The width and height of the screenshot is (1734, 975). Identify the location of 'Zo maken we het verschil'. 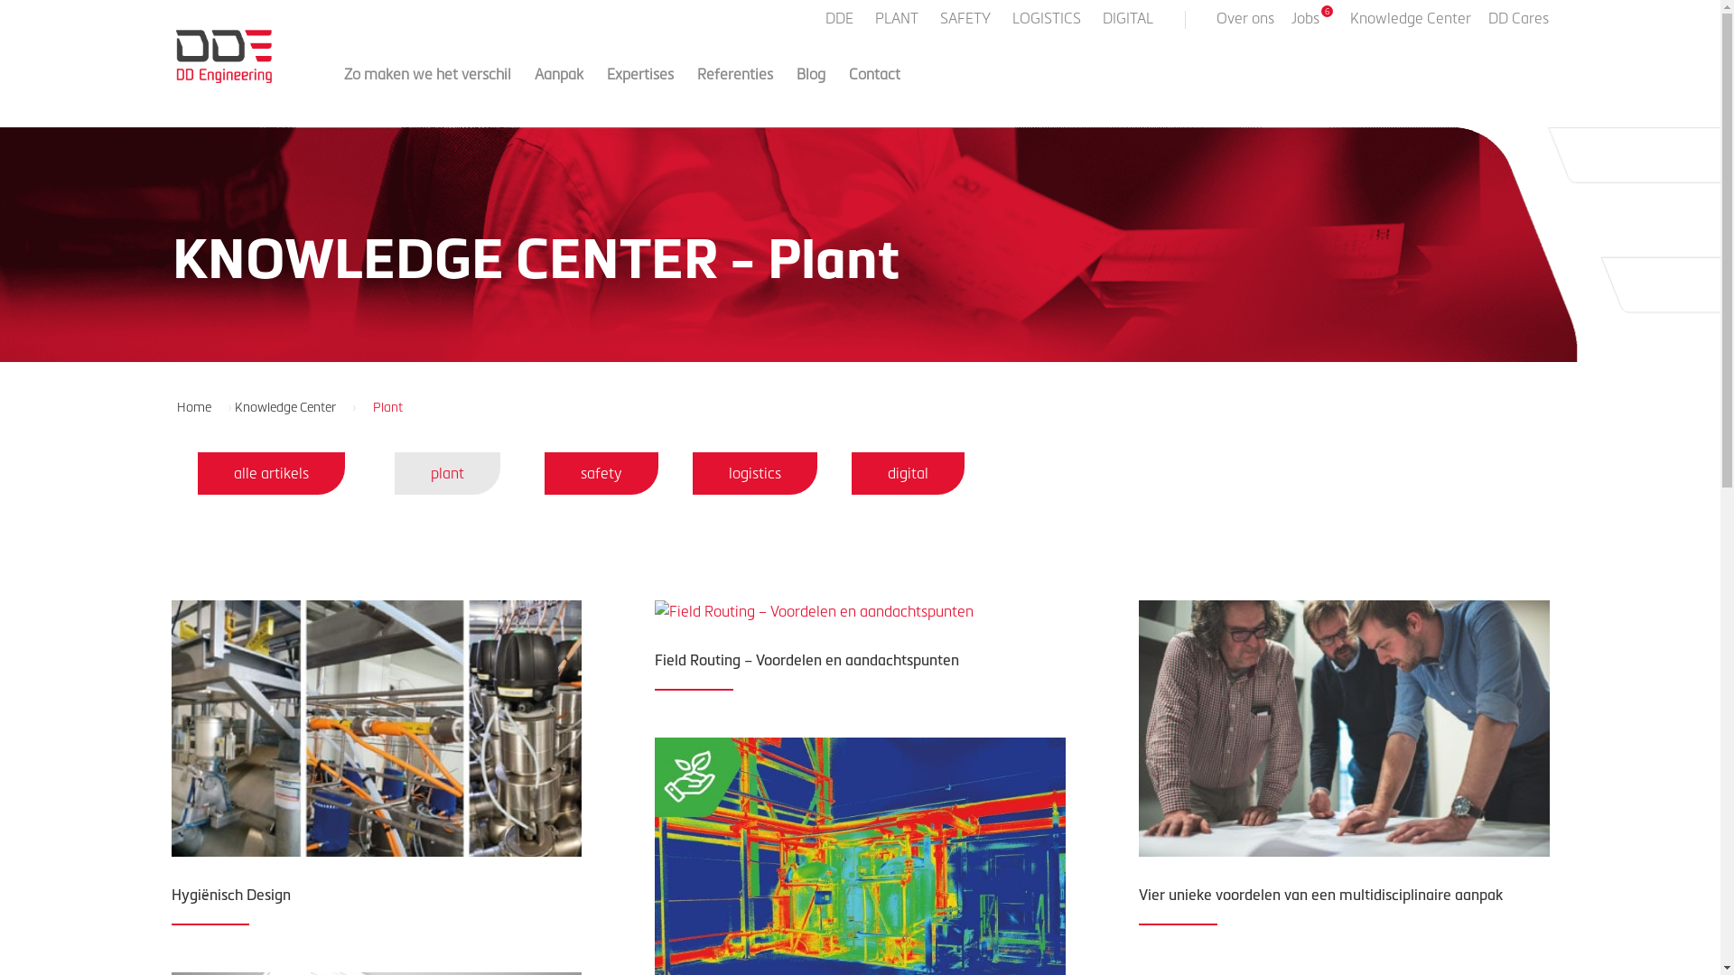
(425, 89).